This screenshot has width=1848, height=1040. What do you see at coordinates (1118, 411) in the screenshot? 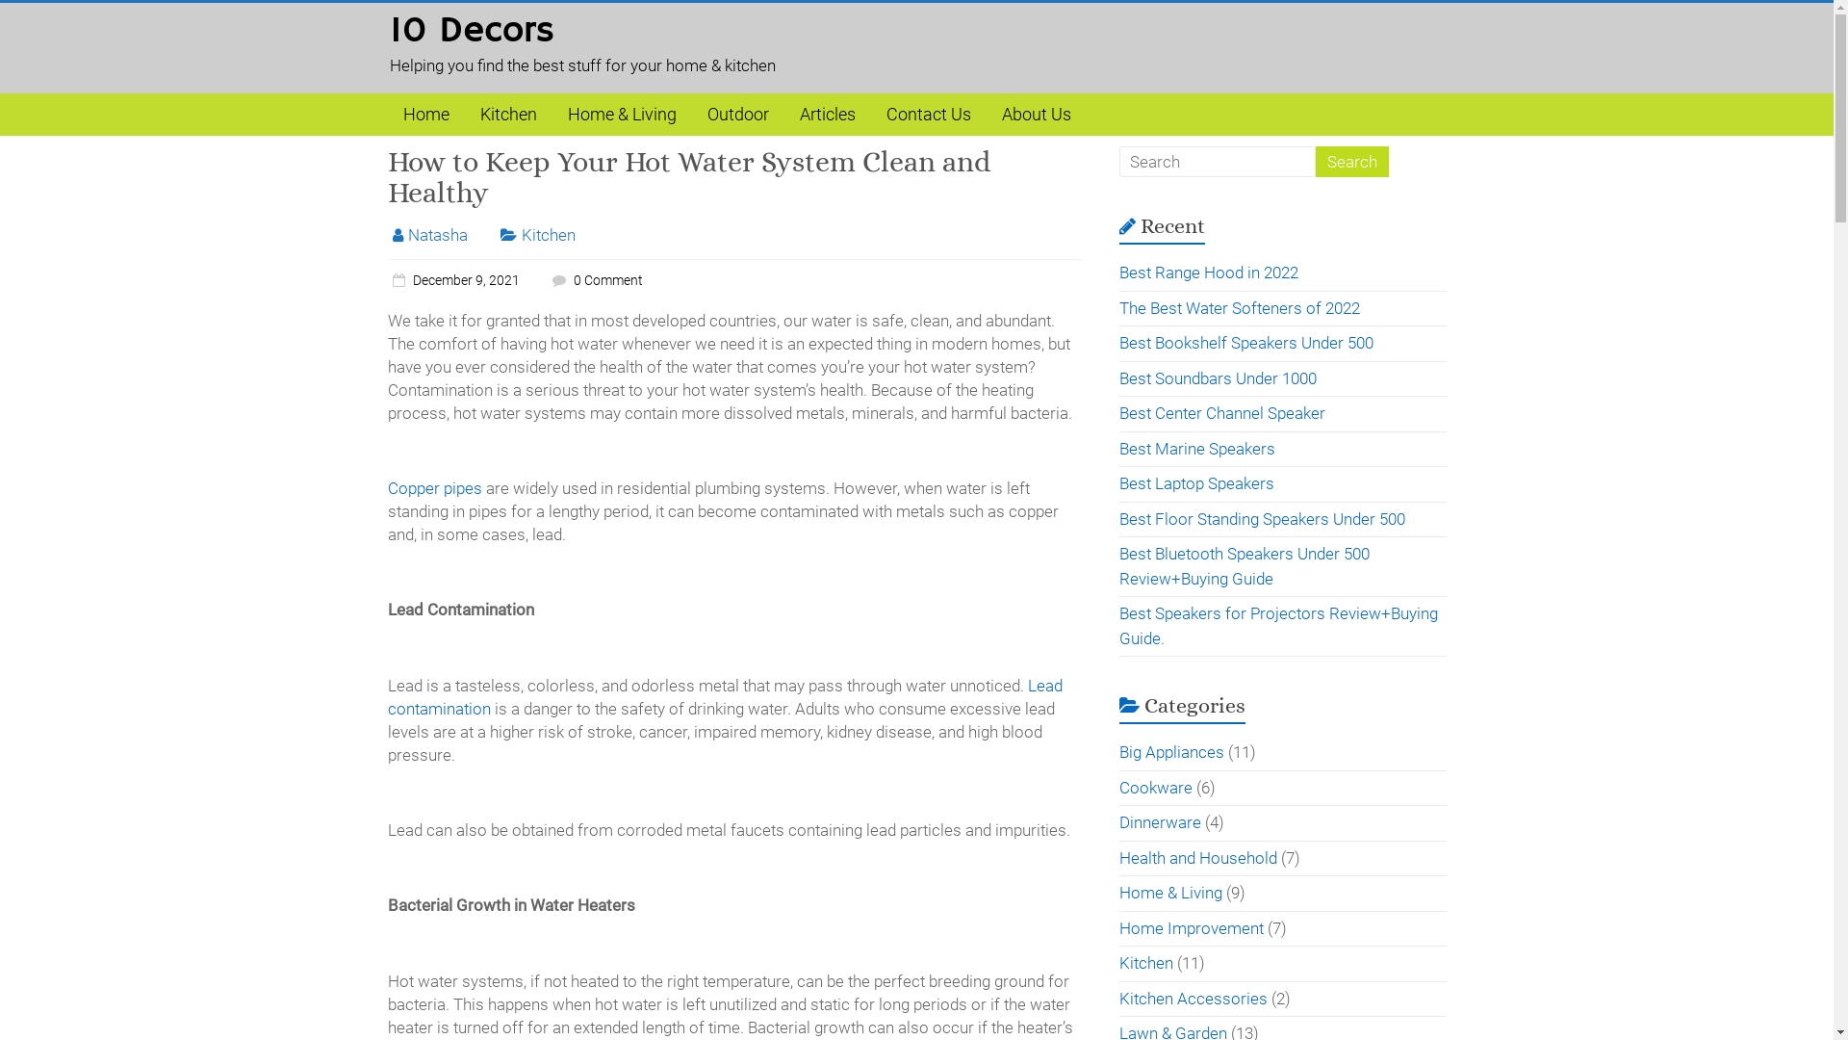
I see `'Best Center Channel Speaker'` at bounding box center [1118, 411].